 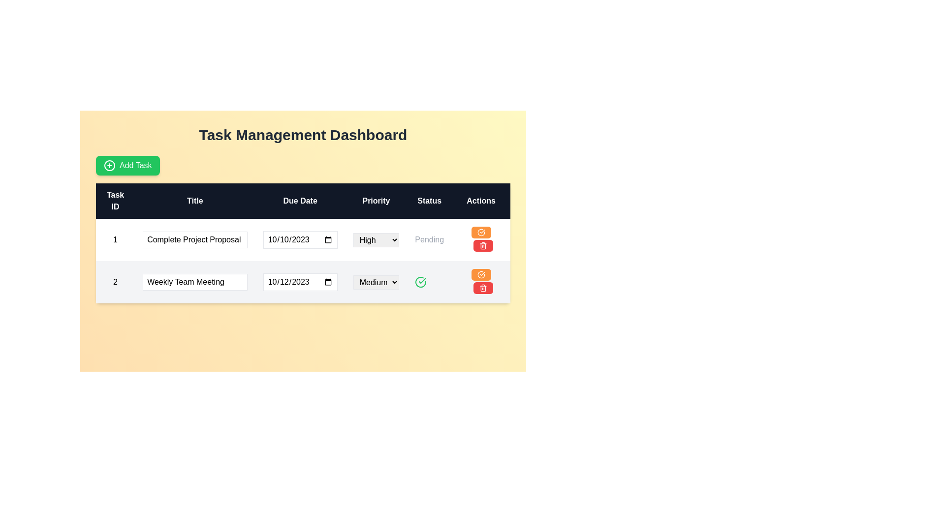 What do you see at coordinates (300, 240) in the screenshot?
I see `the Date input field located in the third column of the first row of the task table under the 'Due Date' heading to focus on it` at bounding box center [300, 240].